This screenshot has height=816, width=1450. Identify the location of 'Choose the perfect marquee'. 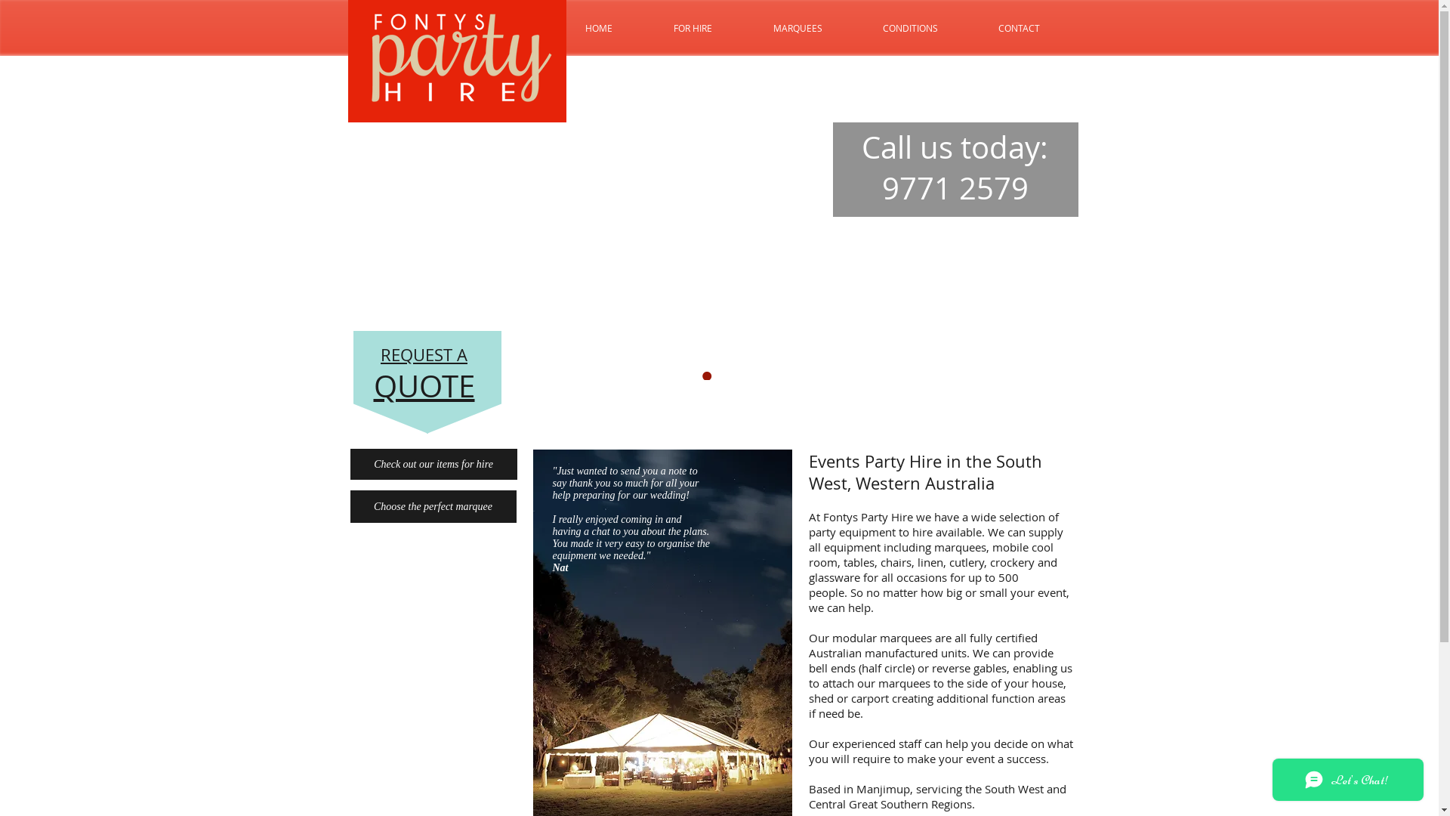
(433, 506).